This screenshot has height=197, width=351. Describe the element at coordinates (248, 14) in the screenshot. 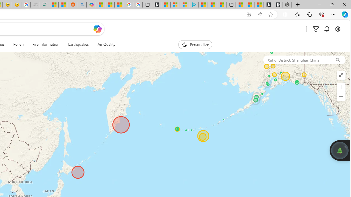

I see `'App available. Install Microsoft Start Weather'` at that location.